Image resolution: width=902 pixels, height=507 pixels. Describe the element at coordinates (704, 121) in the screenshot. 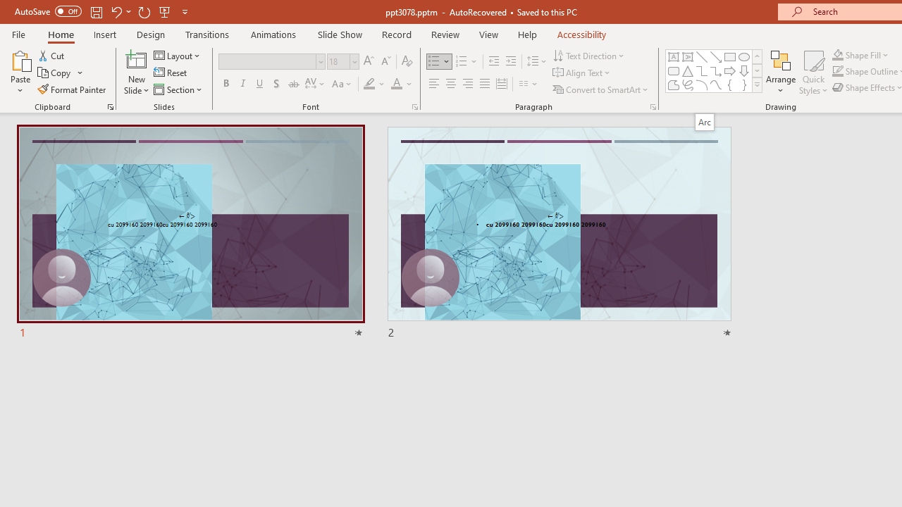

I see `'Arc'` at that location.